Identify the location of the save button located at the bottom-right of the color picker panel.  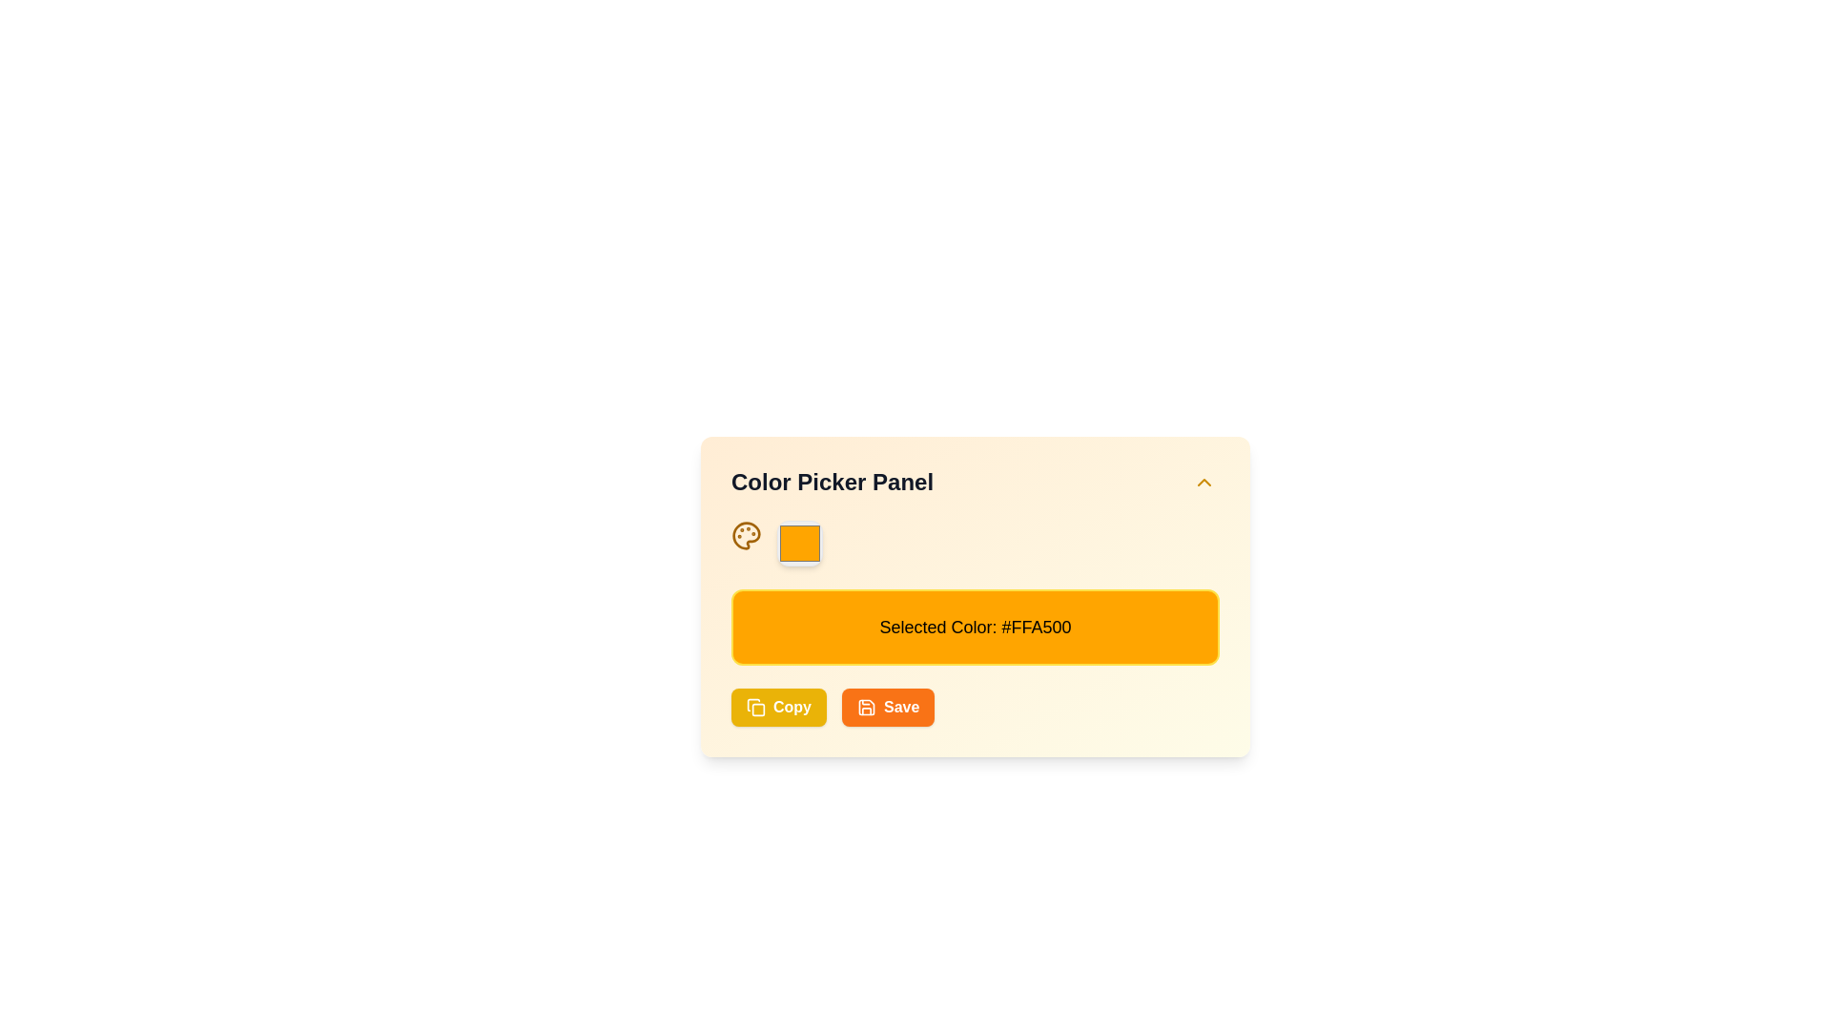
(887, 707).